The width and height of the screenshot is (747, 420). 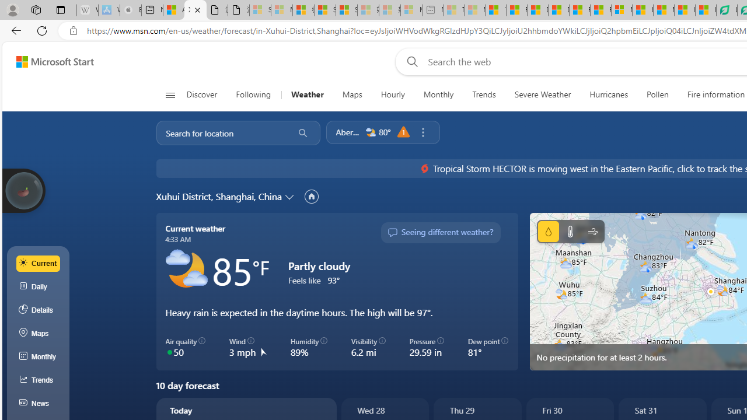 I want to click on 'Monthly', so click(x=438, y=94).